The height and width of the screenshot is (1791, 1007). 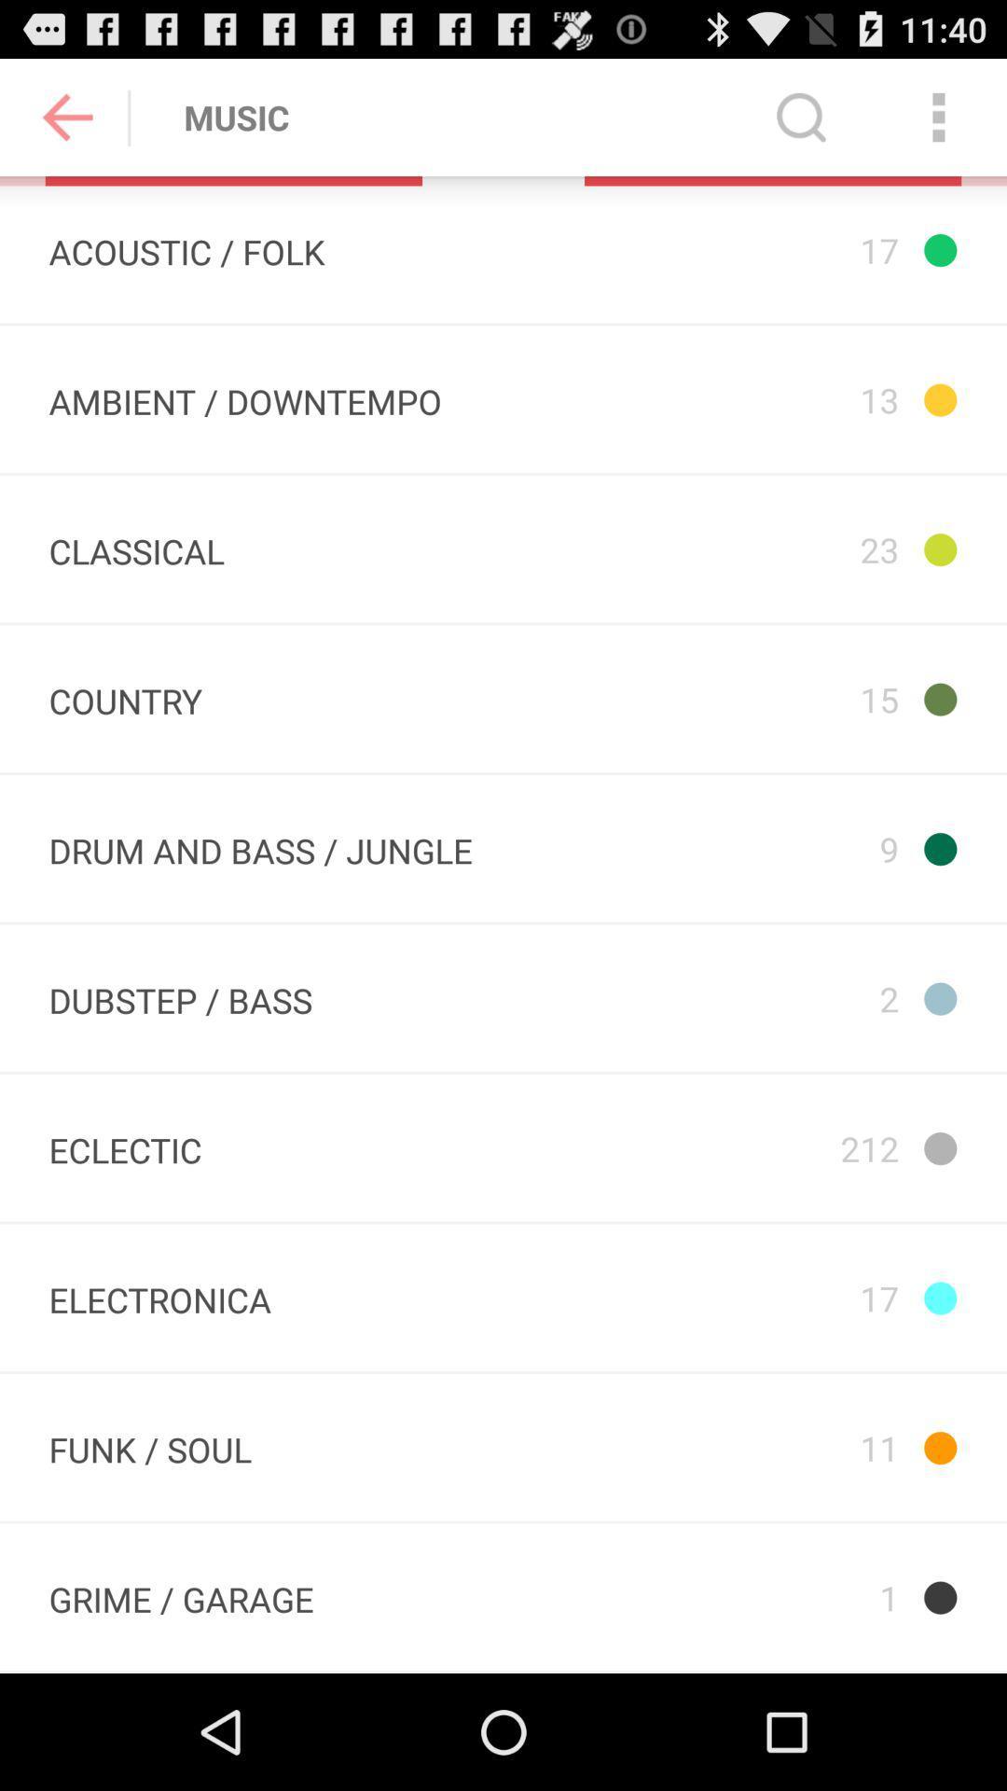 What do you see at coordinates (244, 398) in the screenshot?
I see `the item above the classical item` at bounding box center [244, 398].